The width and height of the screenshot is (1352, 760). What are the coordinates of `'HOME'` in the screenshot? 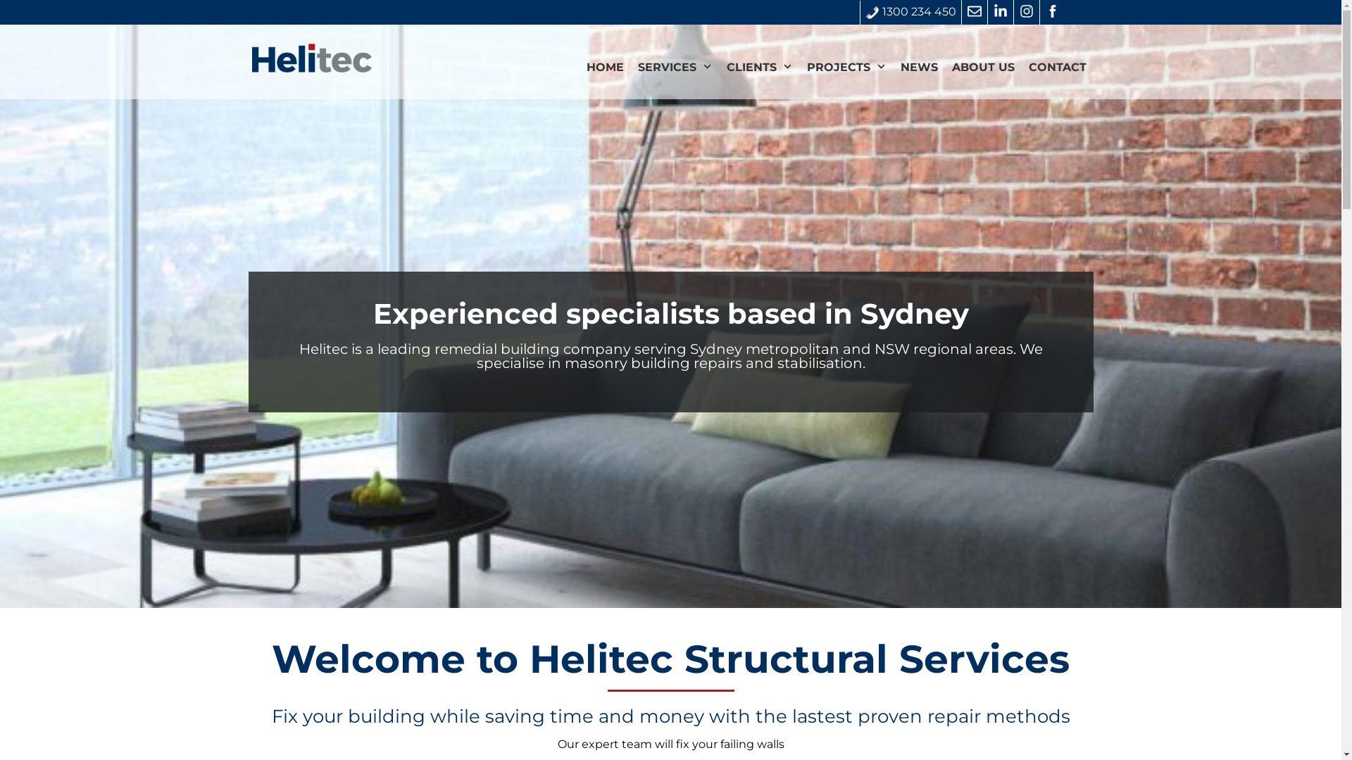 It's located at (579, 68).